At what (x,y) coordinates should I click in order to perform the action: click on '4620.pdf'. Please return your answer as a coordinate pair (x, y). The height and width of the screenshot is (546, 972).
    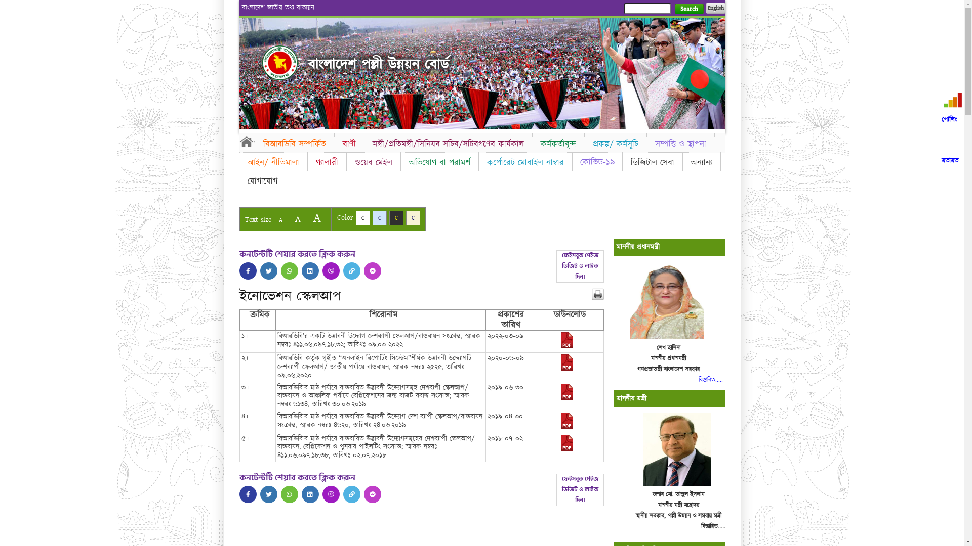
    Looking at the image, I should click on (566, 427).